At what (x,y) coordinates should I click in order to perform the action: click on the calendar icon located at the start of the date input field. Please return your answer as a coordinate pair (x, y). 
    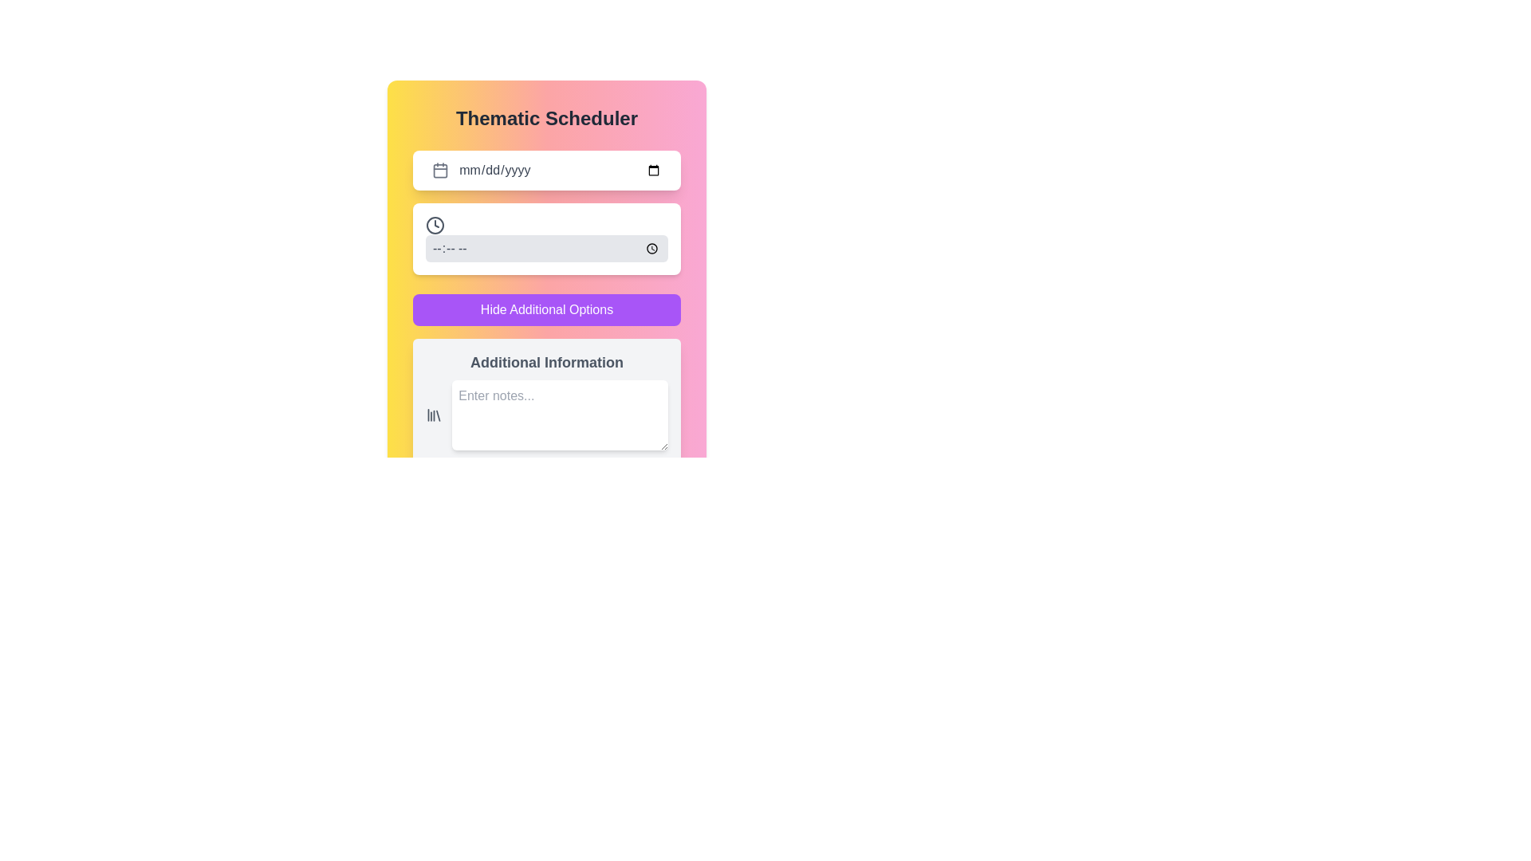
    Looking at the image, I should click on (440, 170).